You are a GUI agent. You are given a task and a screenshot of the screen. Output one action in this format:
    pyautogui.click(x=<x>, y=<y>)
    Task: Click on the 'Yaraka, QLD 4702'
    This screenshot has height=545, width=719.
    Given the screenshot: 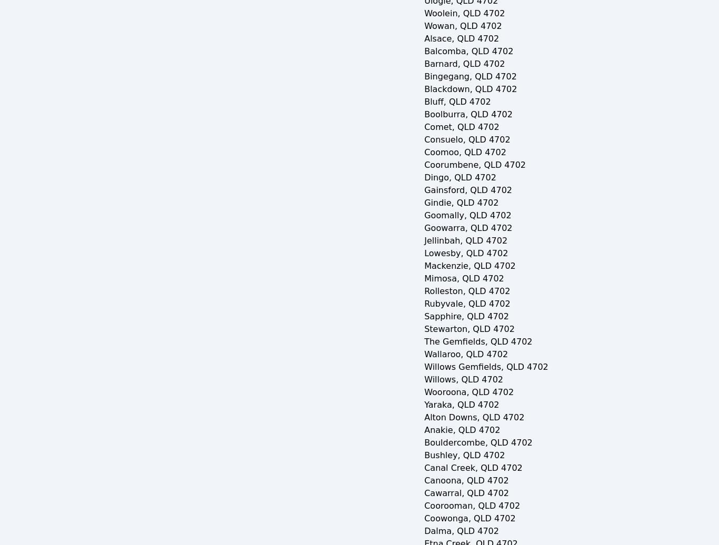 What is the action you would take?
    pyautogui.click(x=461, y=405)
    